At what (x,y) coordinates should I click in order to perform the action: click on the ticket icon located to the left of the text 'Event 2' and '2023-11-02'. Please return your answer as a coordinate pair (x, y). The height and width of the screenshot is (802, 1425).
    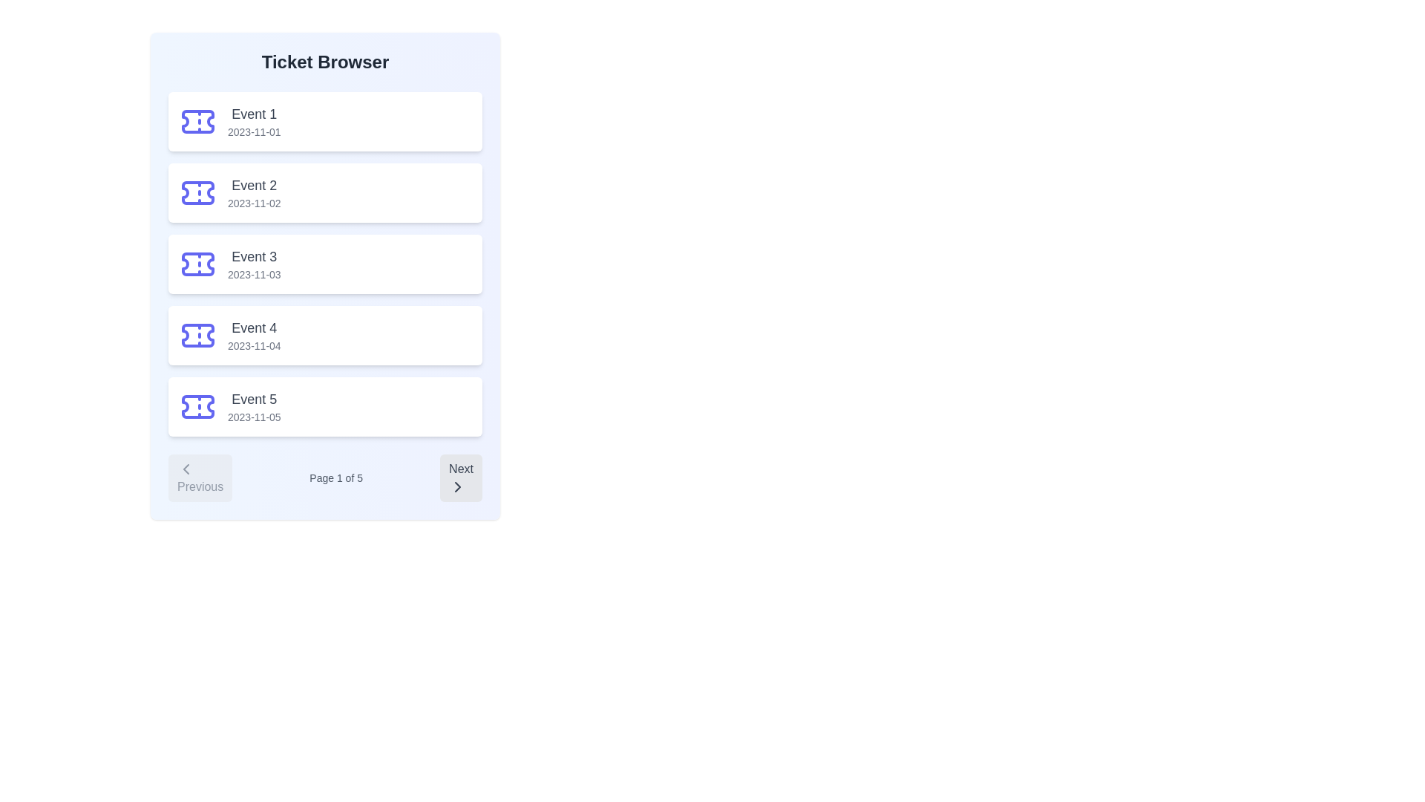
    Looking at the image, I should click on (197, 192).